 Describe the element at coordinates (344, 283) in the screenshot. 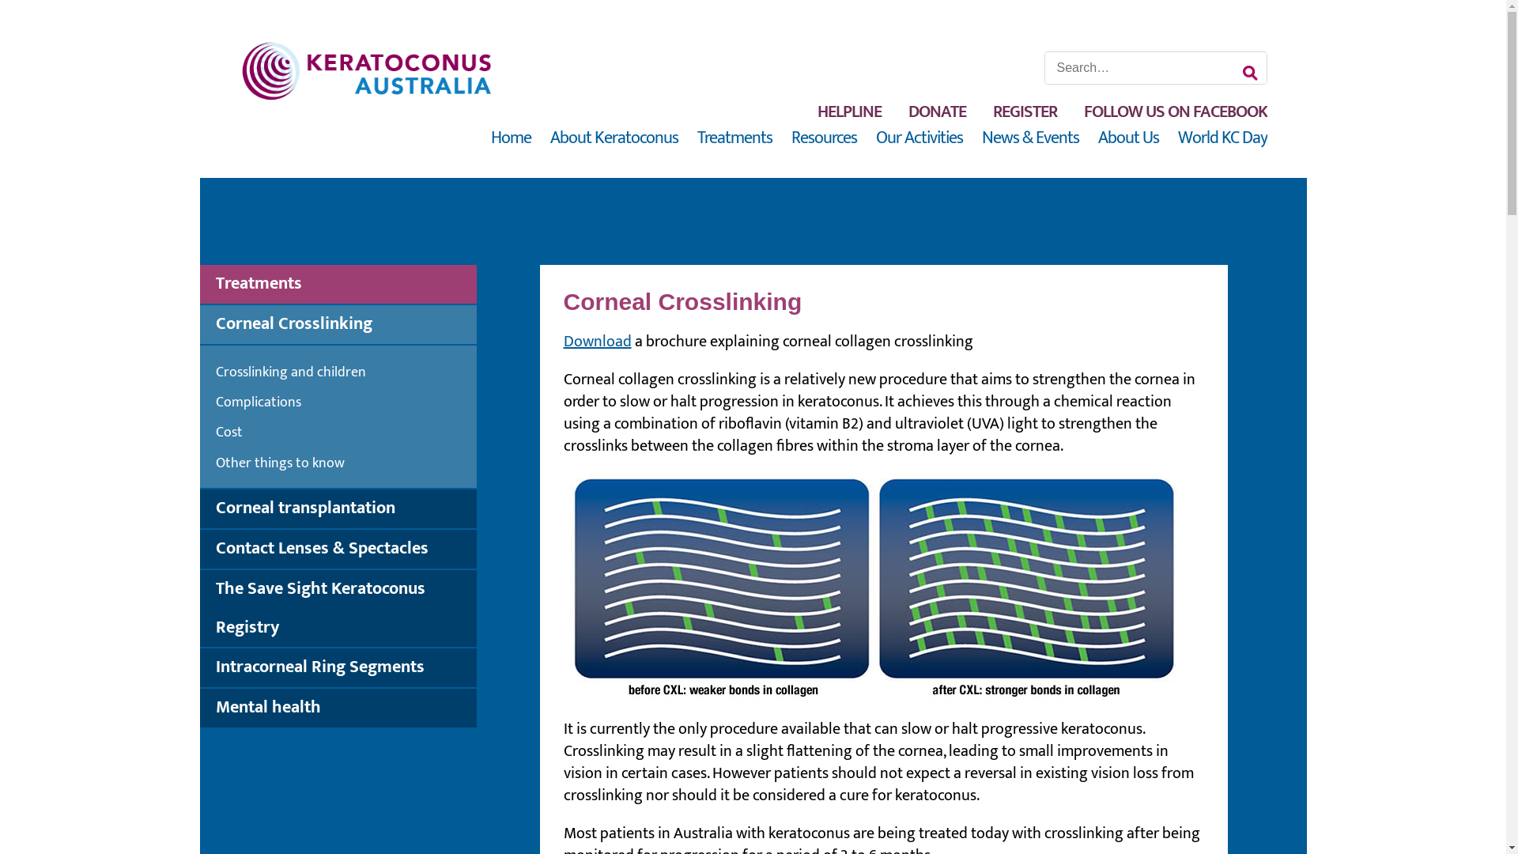

I see `'Treatments'` at that location.